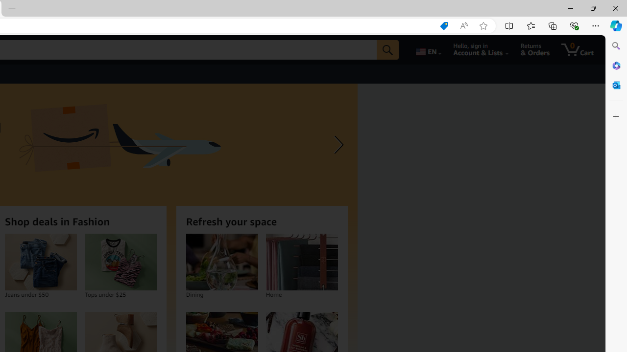 This screenshot has width=627, height=352. Describe the element at coordinates (616, 85) in the screenshot. I see `'Close Outlook pane'` at that location.